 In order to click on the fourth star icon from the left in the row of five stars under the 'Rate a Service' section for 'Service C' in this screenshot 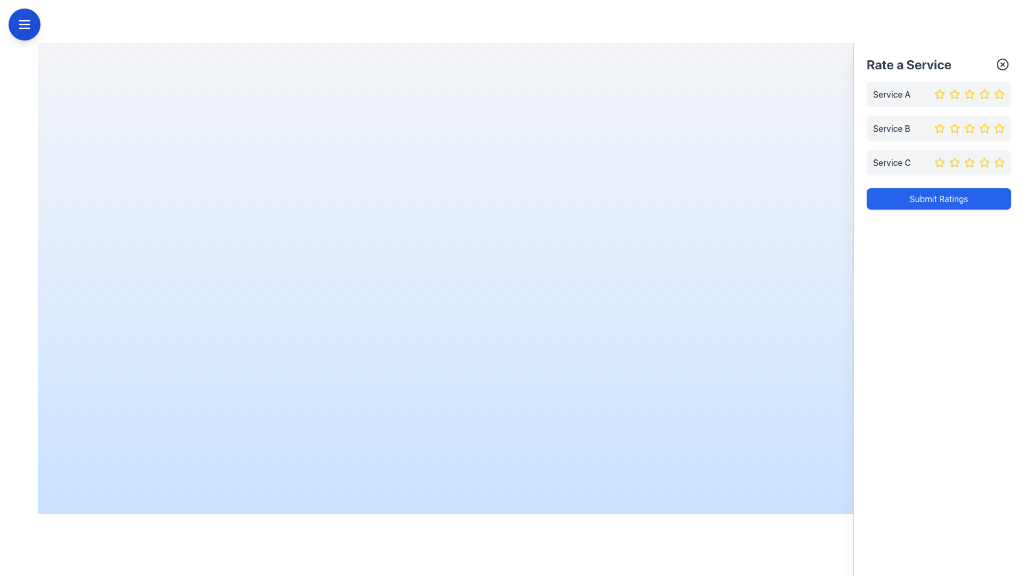, I will do `click(970, 162)`.